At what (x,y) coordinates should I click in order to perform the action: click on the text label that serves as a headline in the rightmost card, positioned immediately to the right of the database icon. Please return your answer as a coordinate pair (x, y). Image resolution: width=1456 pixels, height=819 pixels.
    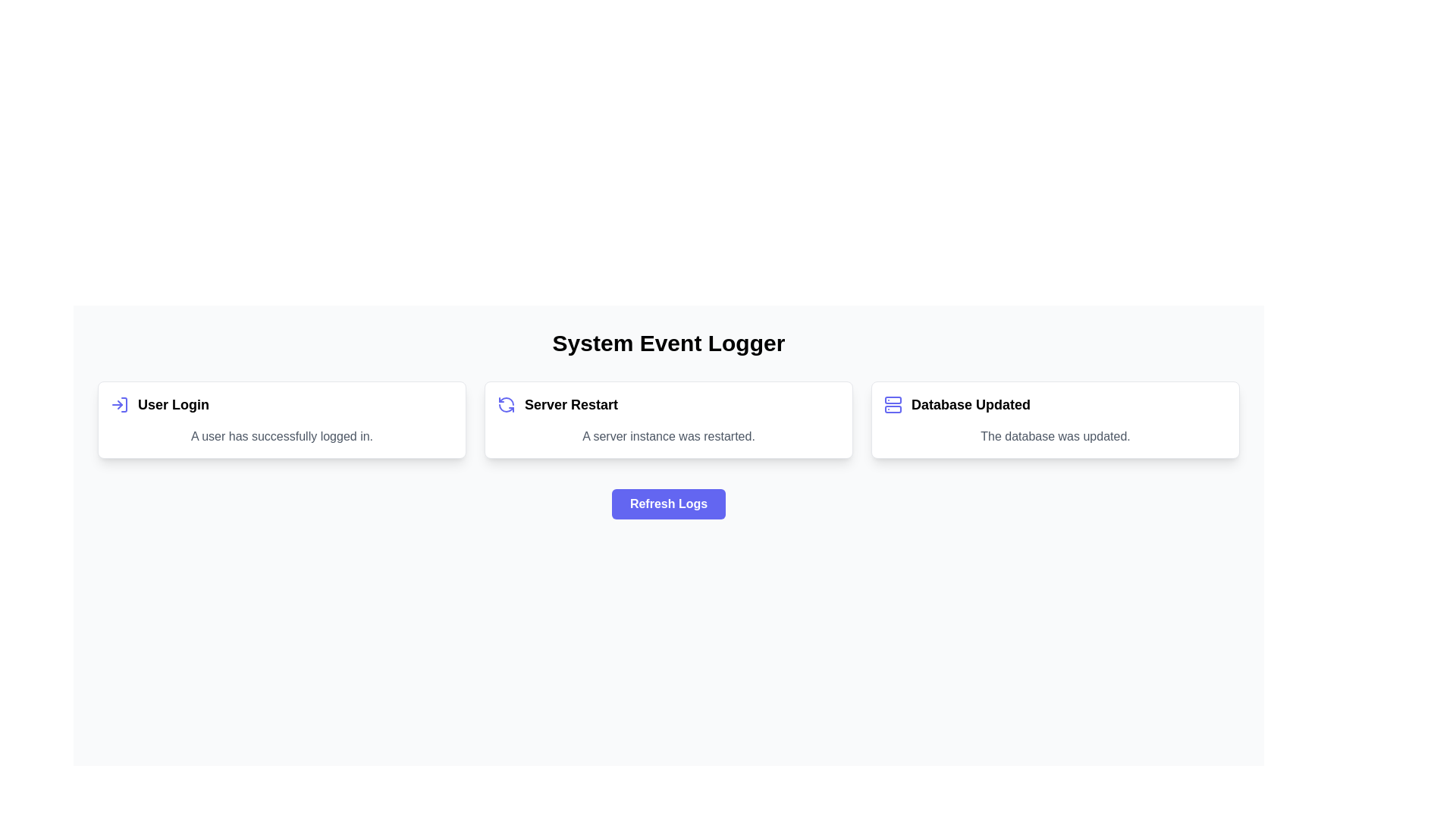
    Looking at the image, I should click on (971, 403).